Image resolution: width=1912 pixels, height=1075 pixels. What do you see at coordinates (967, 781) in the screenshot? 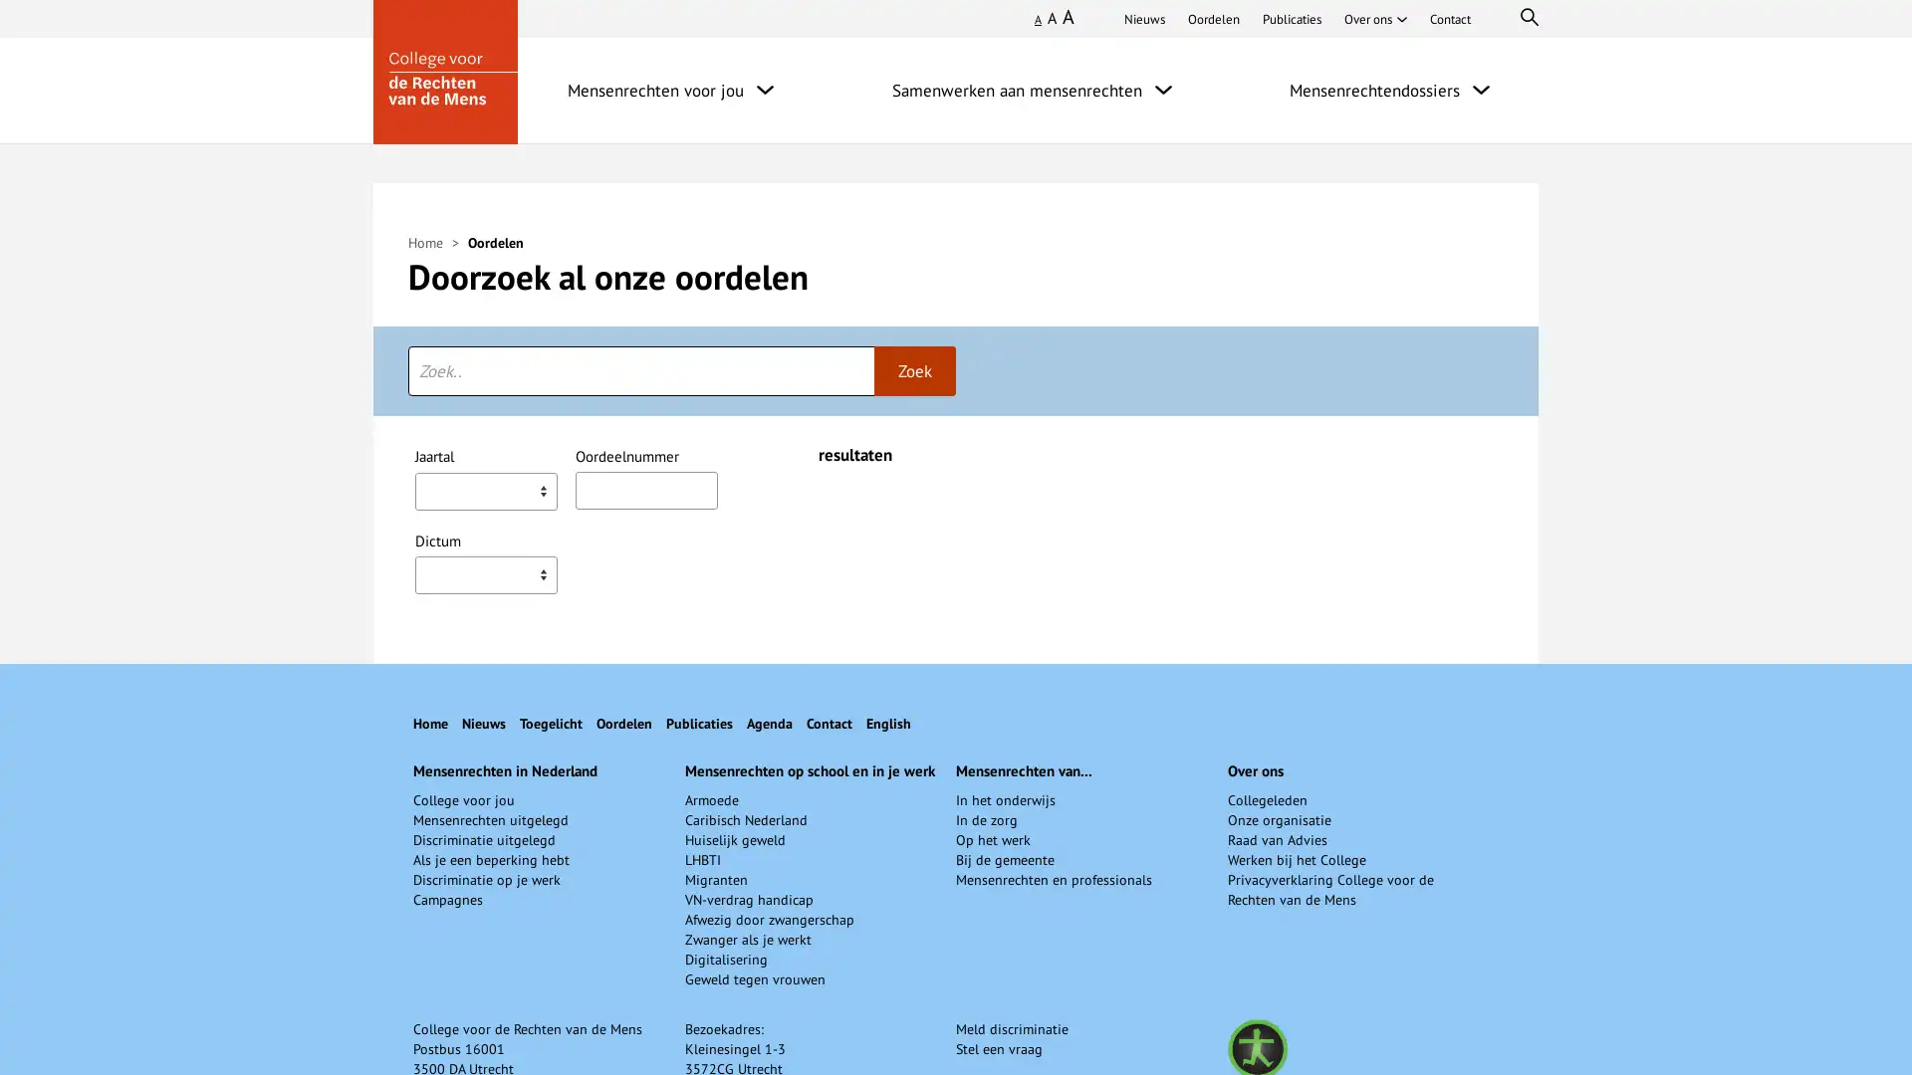
I see `Arbeidsomstandigheden,` at bounding box center [967, 781].